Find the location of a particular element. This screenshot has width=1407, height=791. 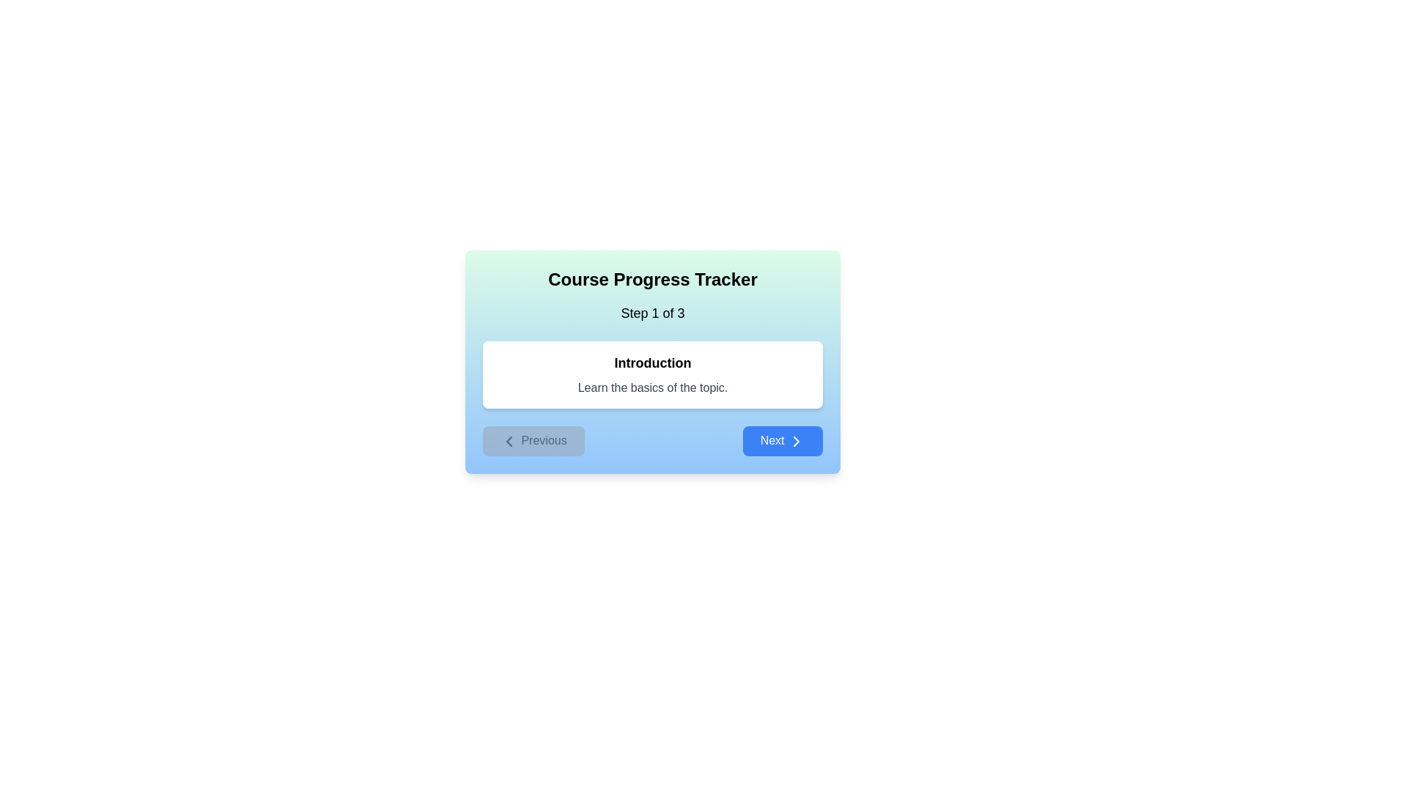

the 'Next' button to navigate to the next step is located at coordinates (782, 439).